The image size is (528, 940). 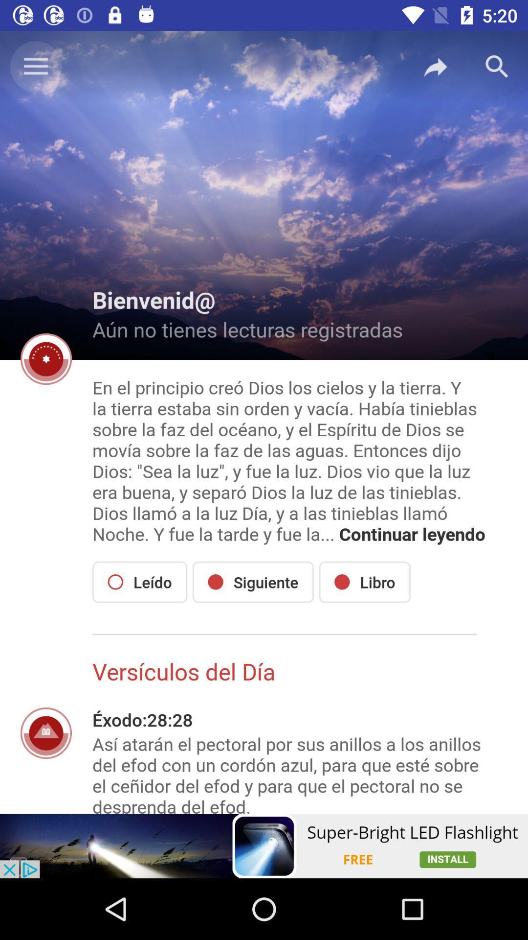 What do you see at coordinates (365, 582) in the screenshot?
I see `the libro on the right` at bounding box center [365, 582].